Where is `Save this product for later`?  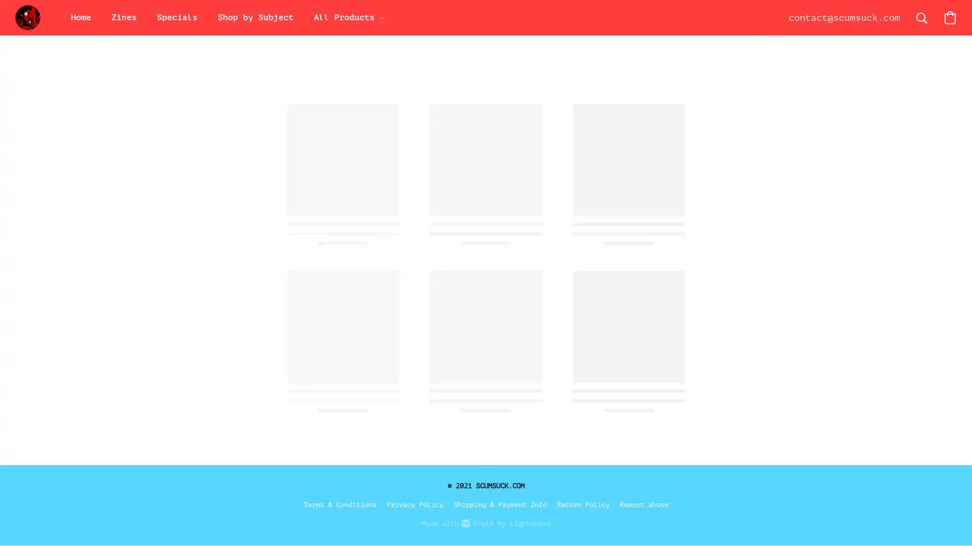
Save this product for later is located at coordinates (628, 384).